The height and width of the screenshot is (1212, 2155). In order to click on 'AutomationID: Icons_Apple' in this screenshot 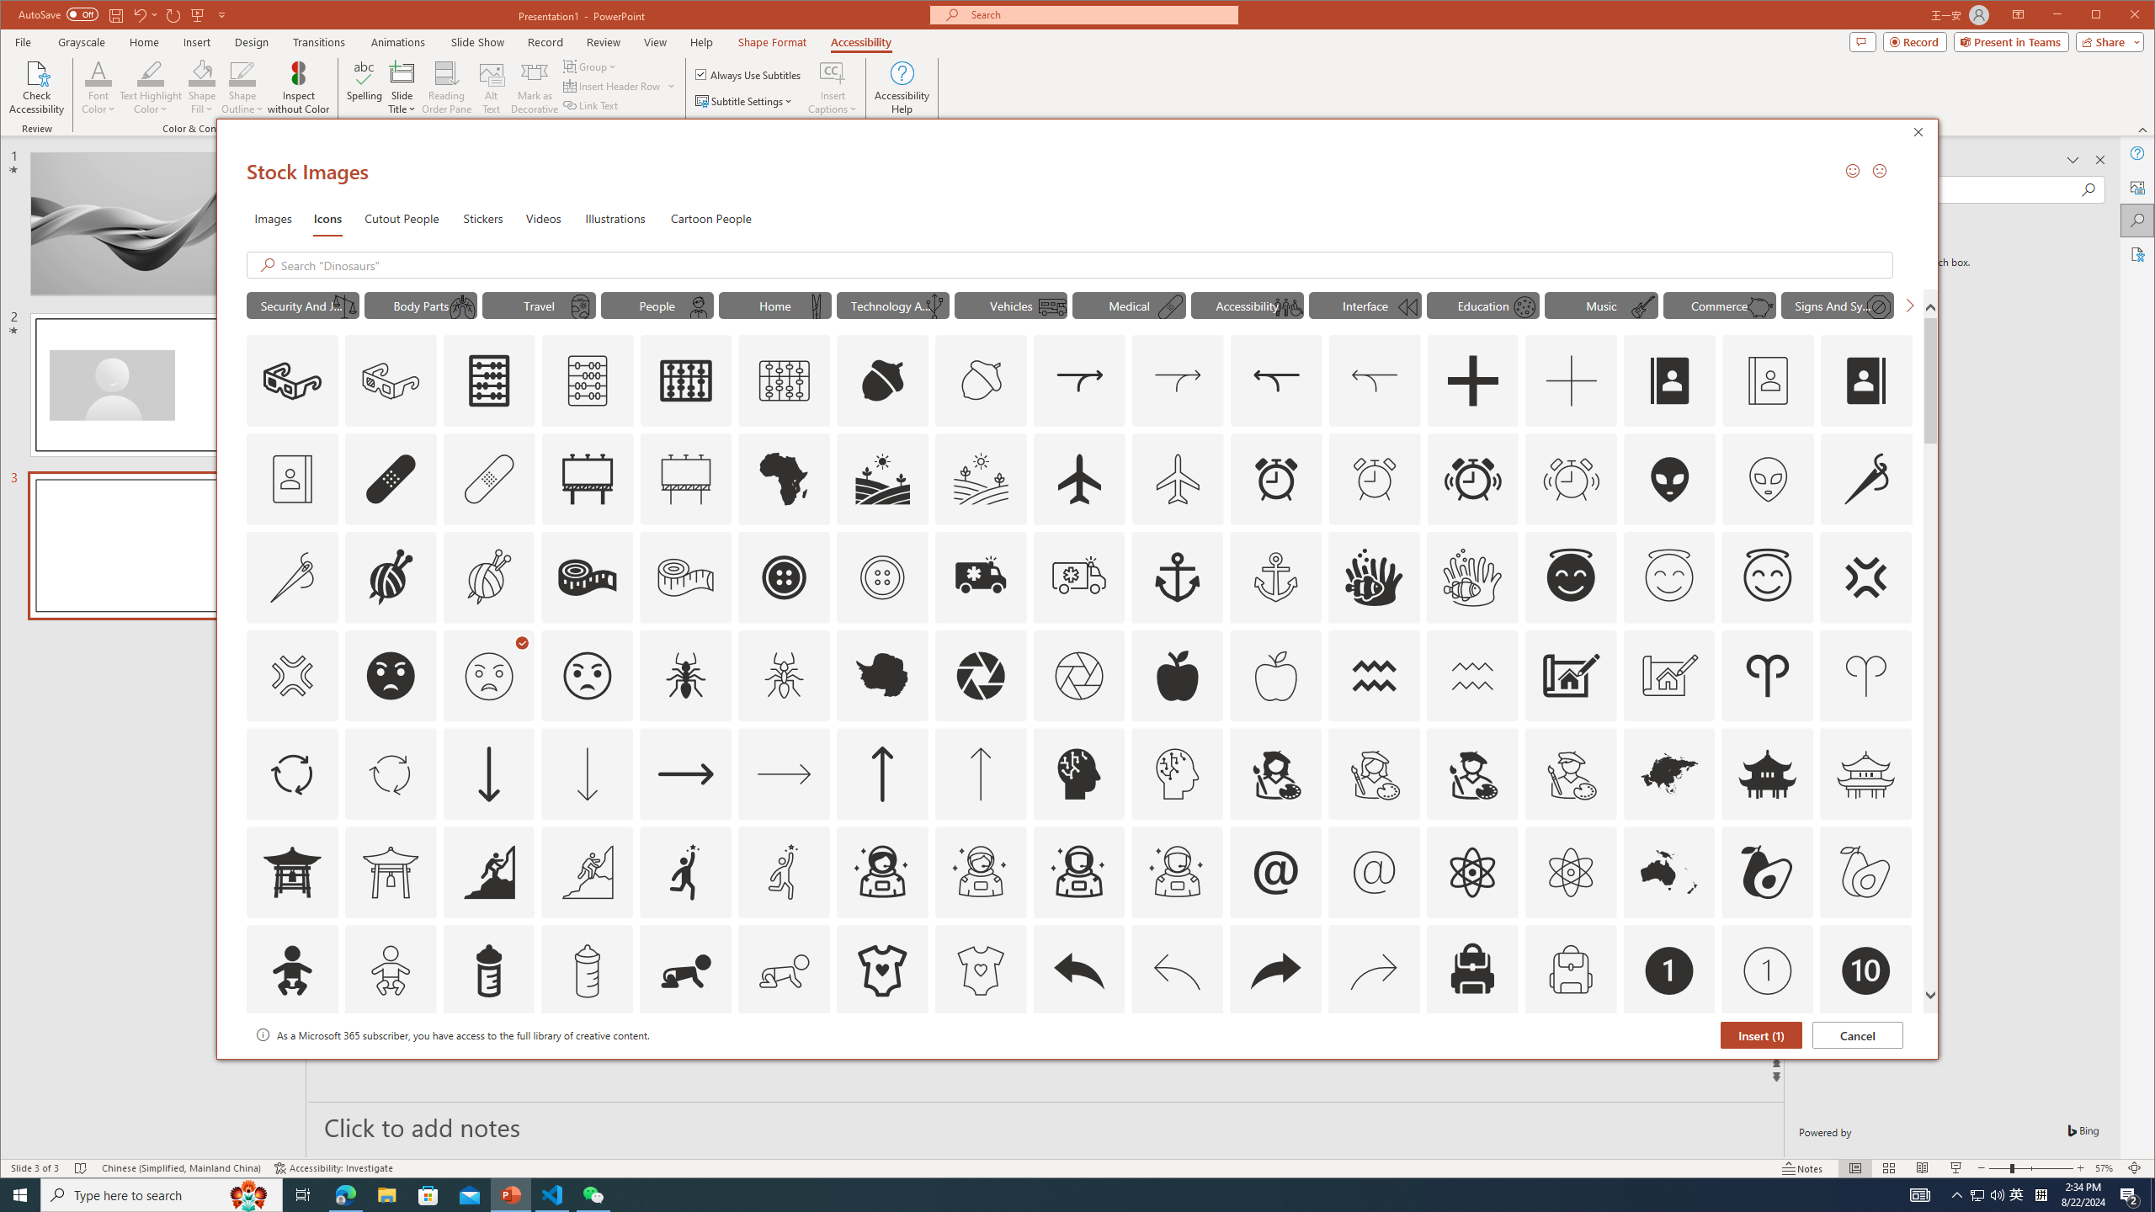, I will do `click(1177, 676)`.